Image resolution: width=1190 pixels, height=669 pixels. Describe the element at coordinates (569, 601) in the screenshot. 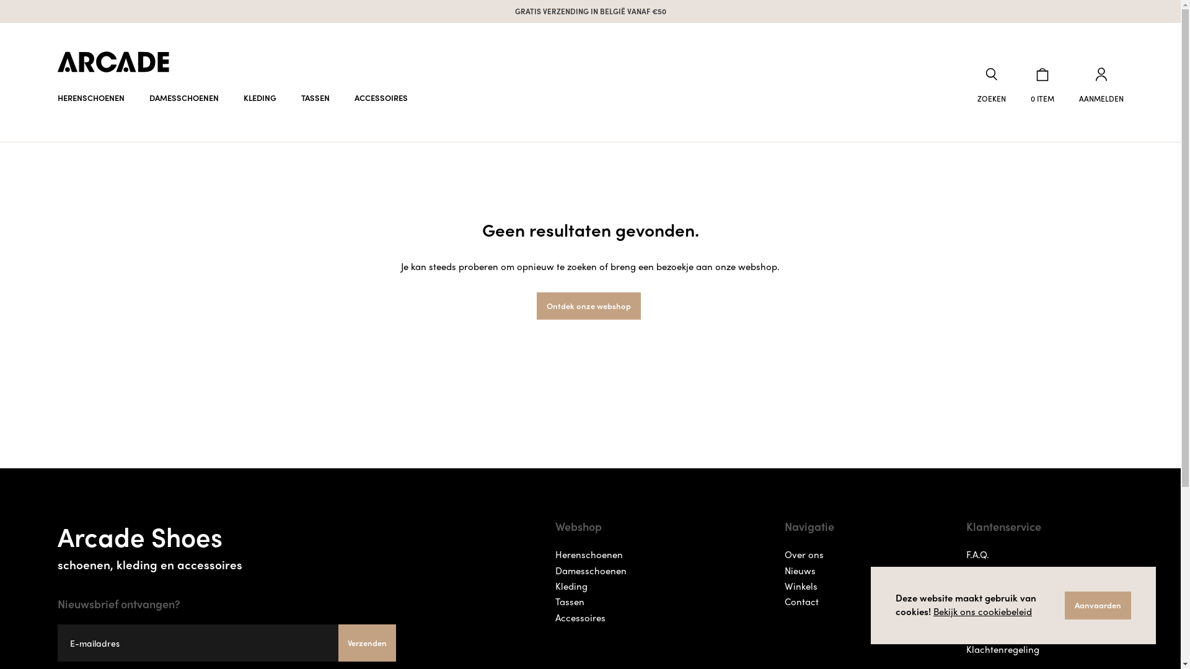

I see `'Tassen'` at that location.